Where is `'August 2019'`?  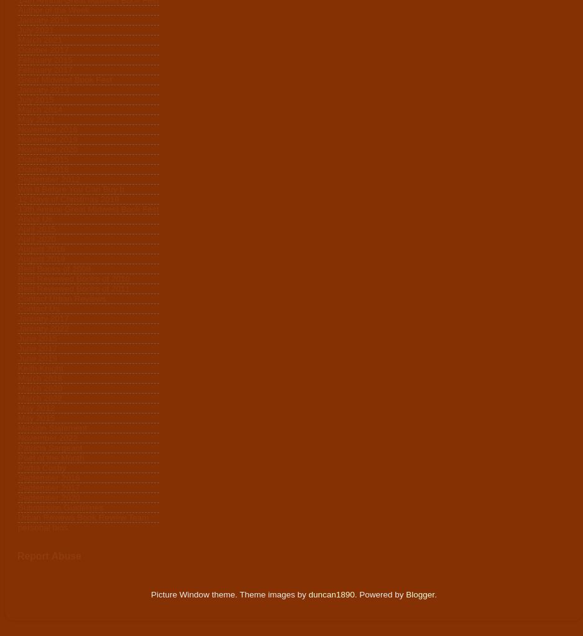
'August 2019' is located at coordinates (17, 259).